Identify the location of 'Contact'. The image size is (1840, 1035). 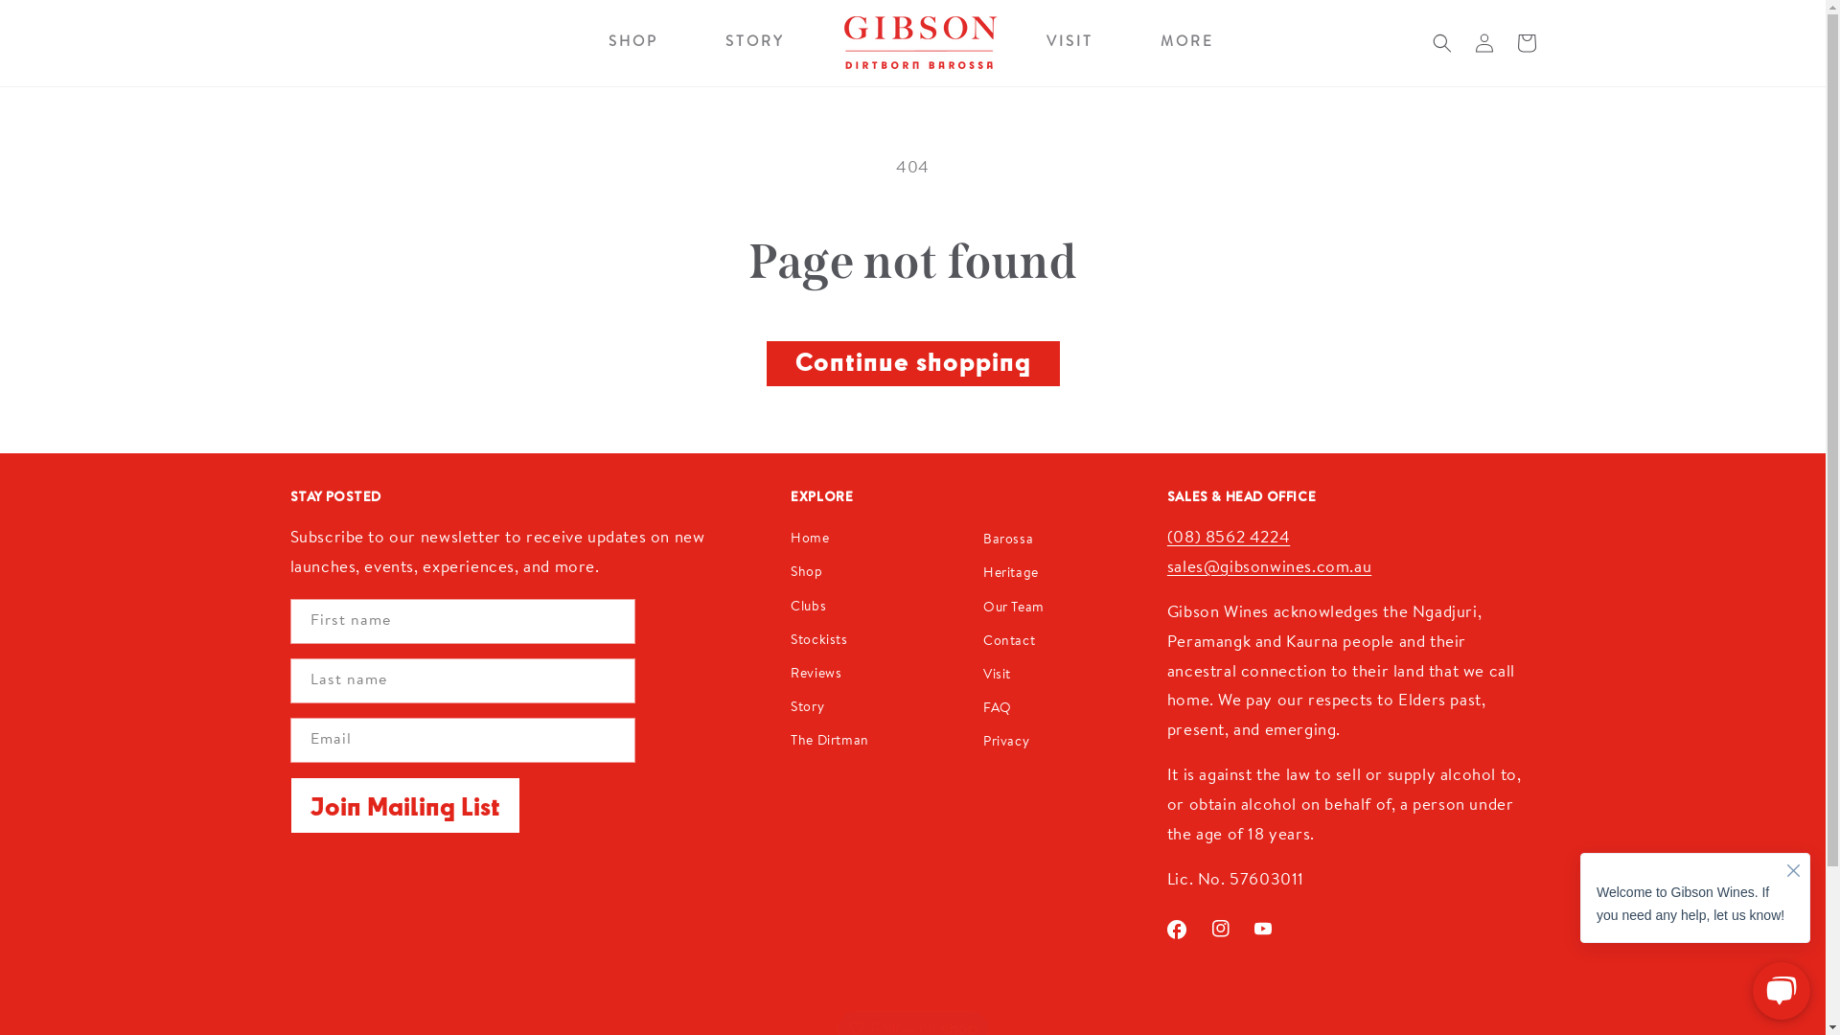
(1007, 642).